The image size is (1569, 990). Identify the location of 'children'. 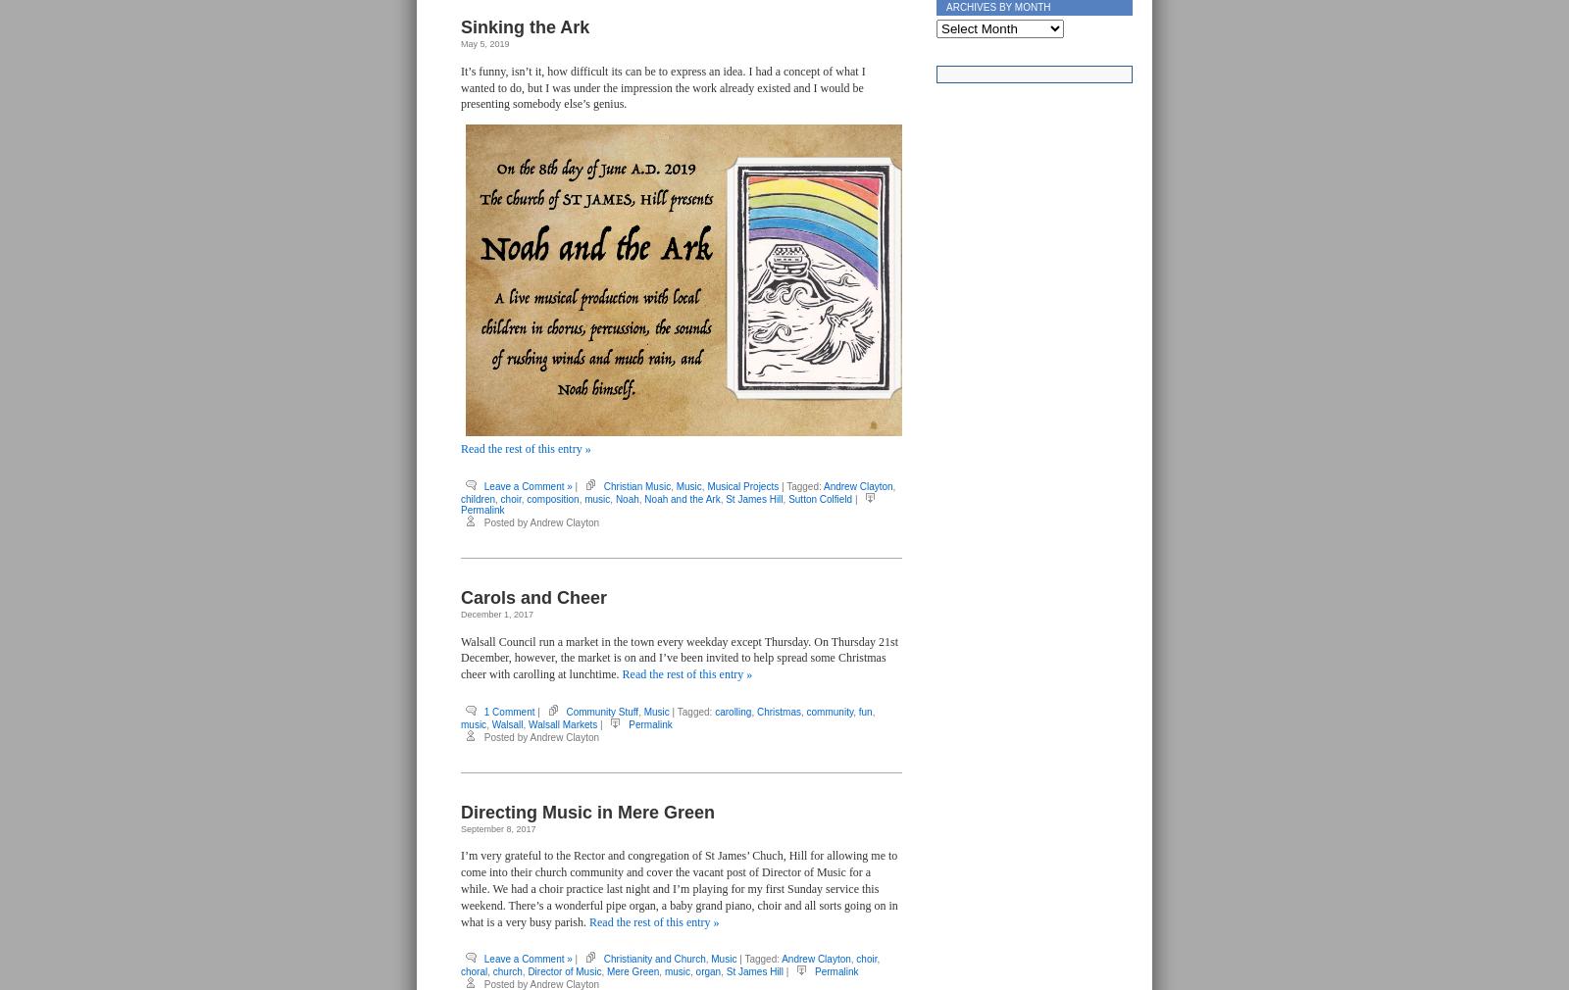
(477, 498).